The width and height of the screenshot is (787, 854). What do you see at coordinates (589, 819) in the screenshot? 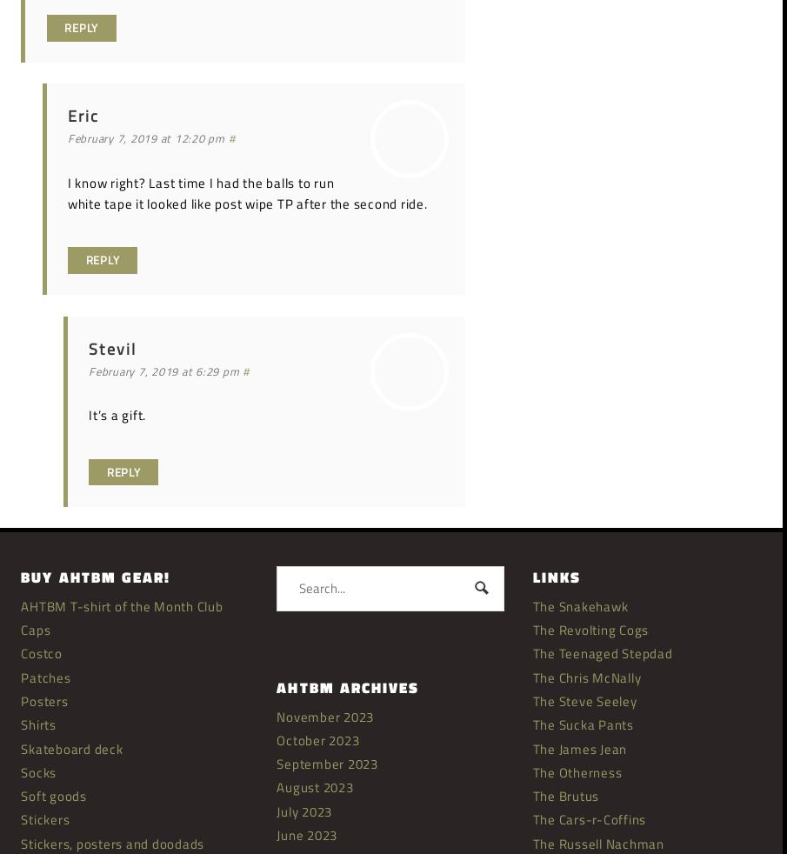
I see `'The Cars-r-Coffins'` at bounding box center [589, 819].